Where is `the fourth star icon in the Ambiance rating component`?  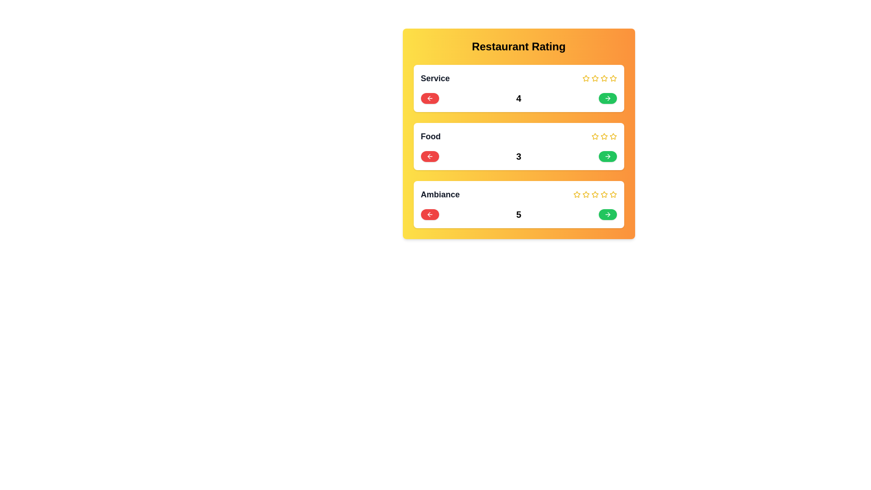
the fourth star icon in the Ambiance rating component is located at coordinates (603, 194).